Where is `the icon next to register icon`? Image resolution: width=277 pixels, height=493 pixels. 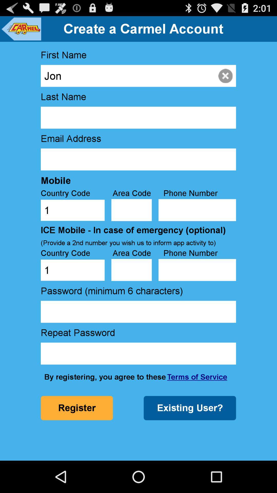
the icon next to register icon is located at coordinates (190, 408).